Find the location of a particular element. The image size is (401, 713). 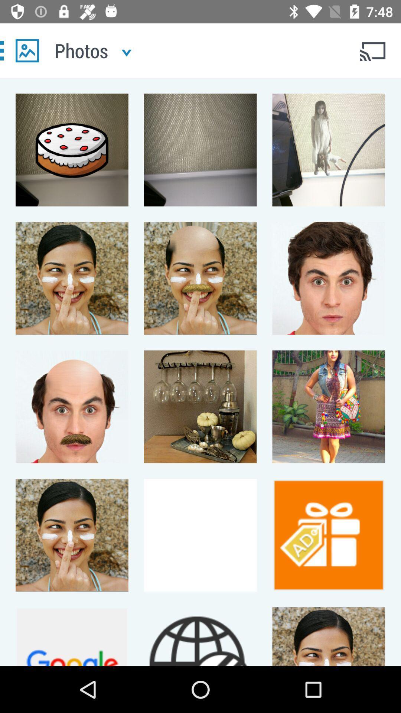

gallery symbol is located at coordinates (27, 50).